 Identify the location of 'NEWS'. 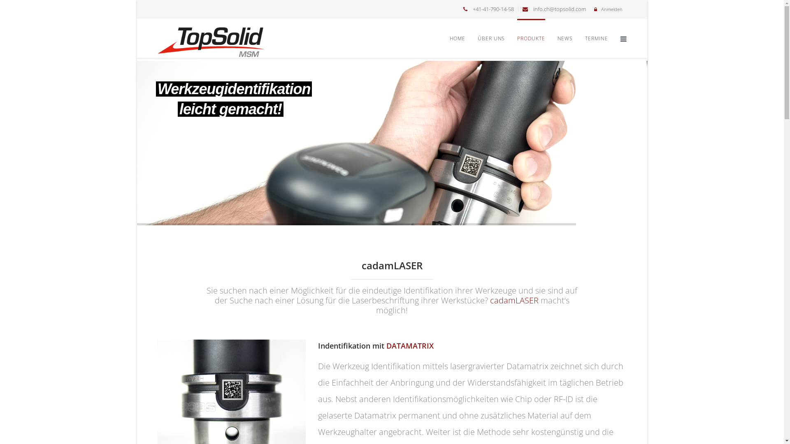
(557, 38).